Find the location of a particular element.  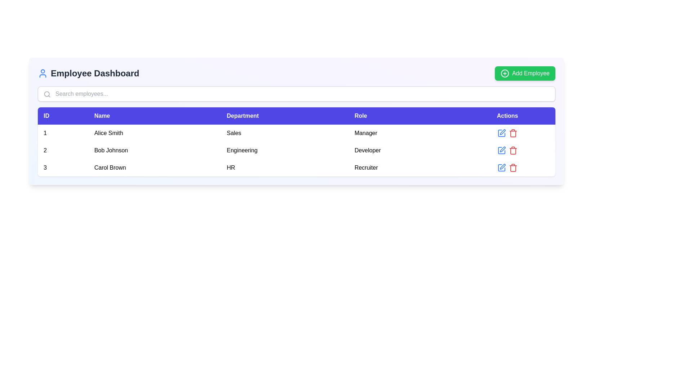

the first button in the grouping of clickable buttons for editing or deleting records in the 'Actions' column of the second row of the Employee Dashboard table is located at coordinates (507, 150).